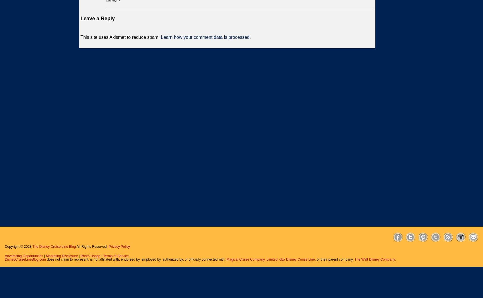  I want to click on ', or their parent company,', so click(334, 259).